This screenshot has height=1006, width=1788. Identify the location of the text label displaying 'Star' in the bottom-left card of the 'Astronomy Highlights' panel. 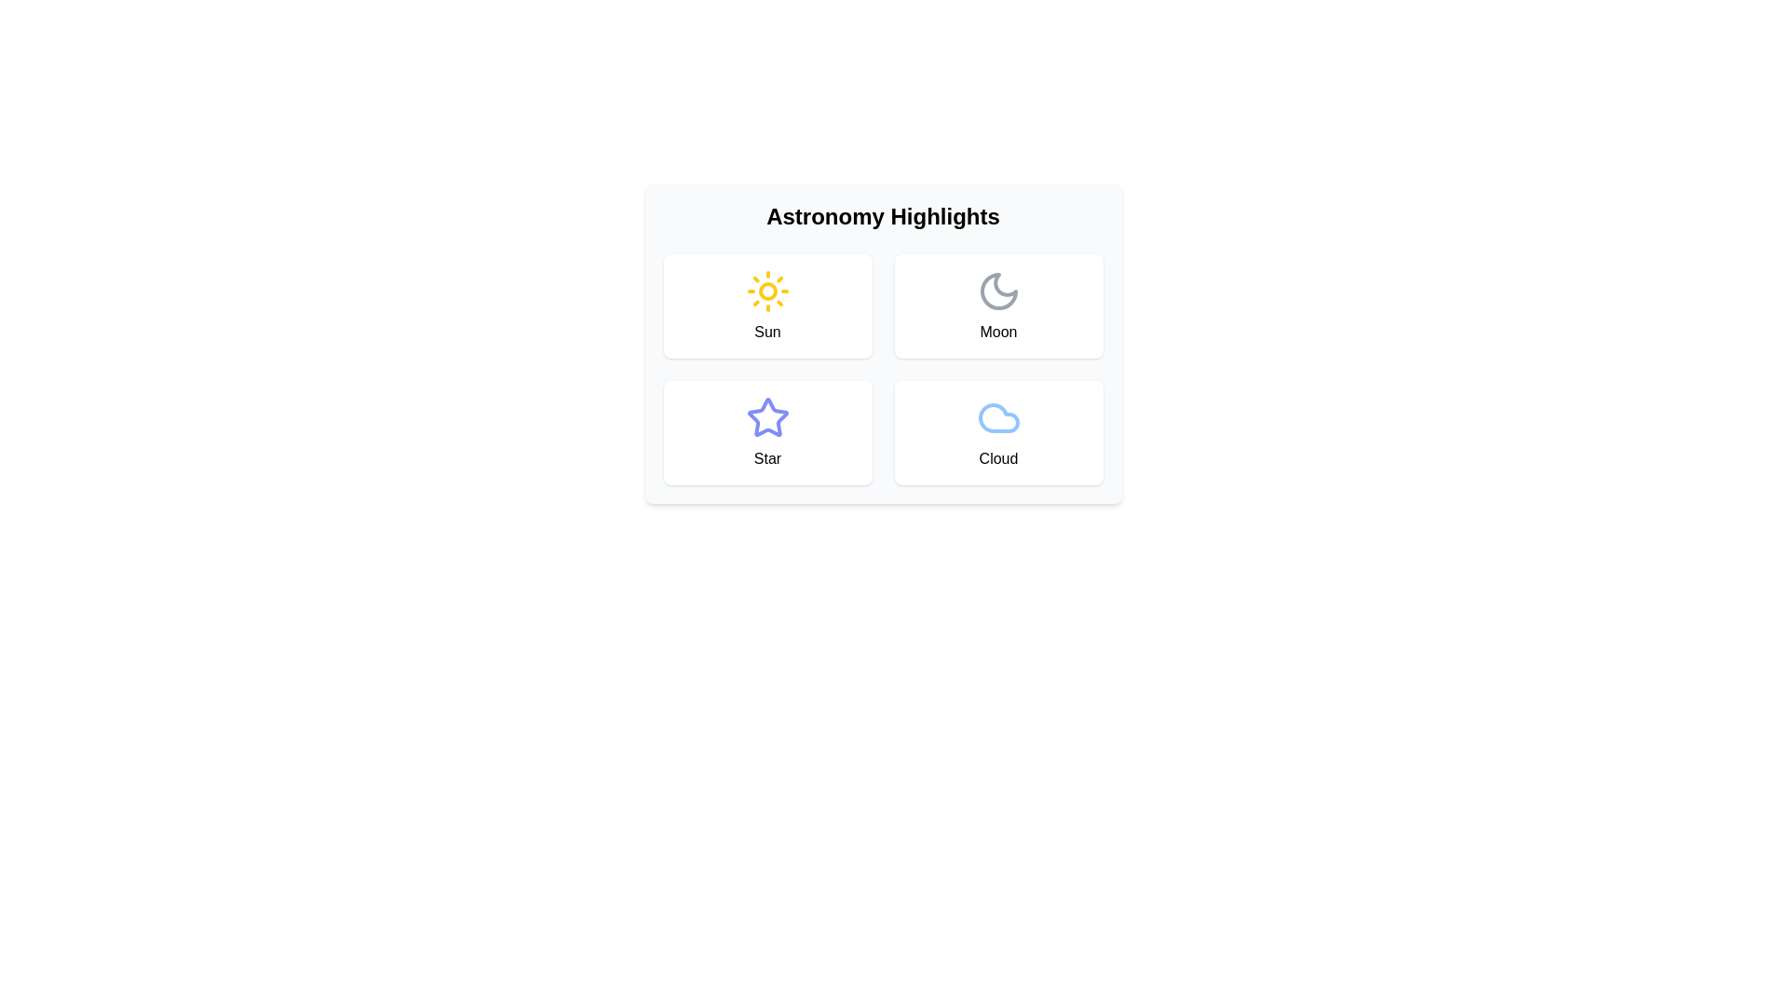
(767, 459).